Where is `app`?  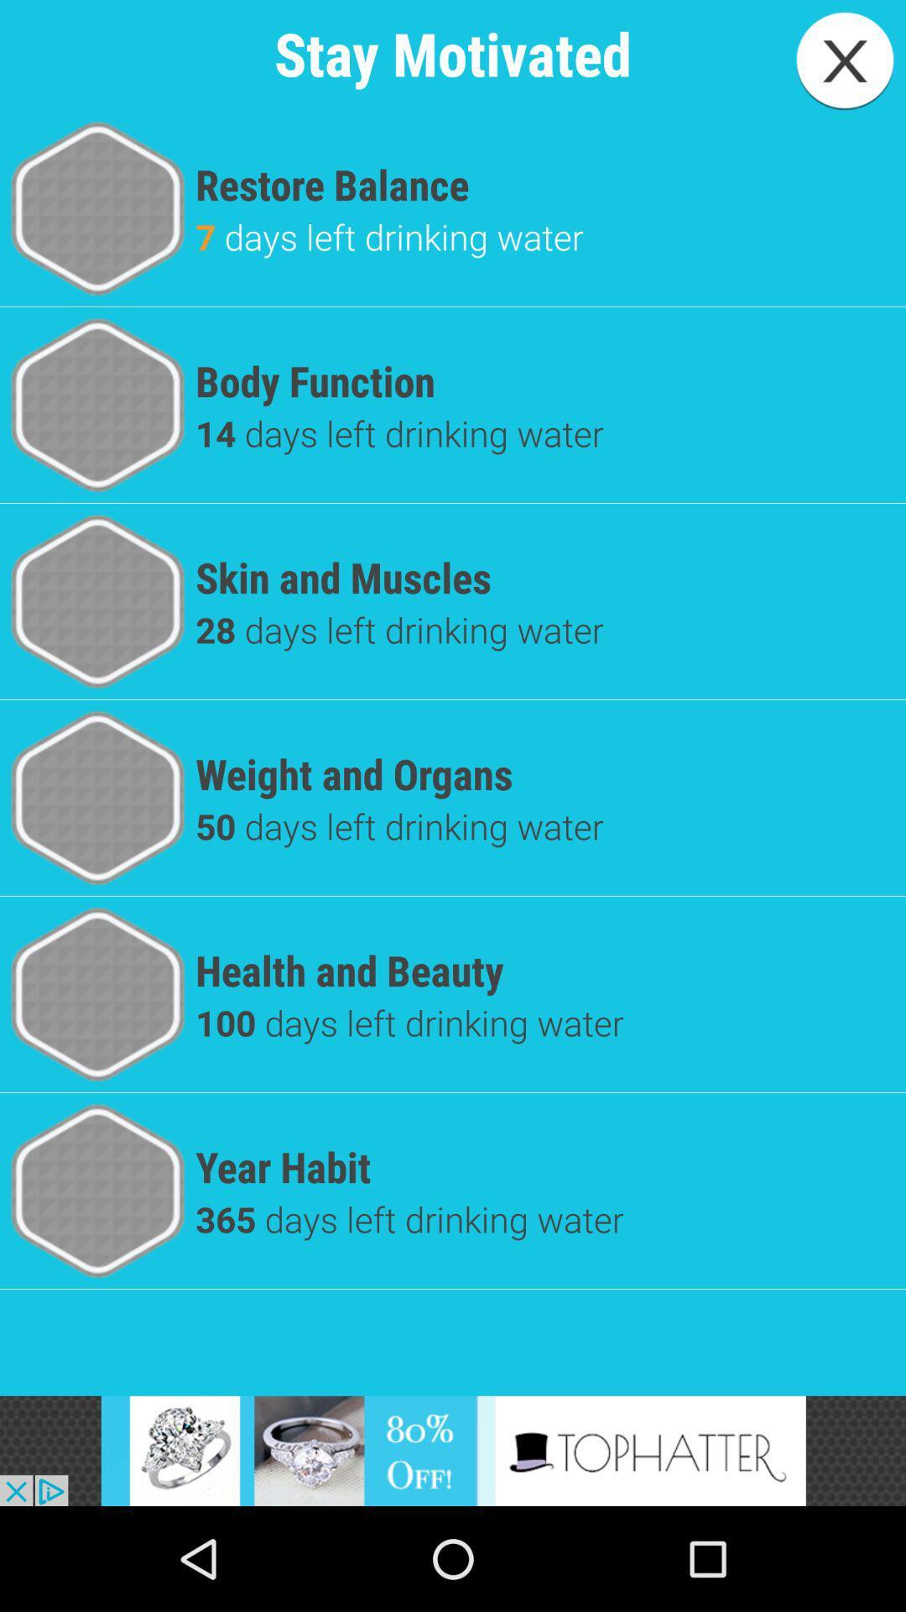
app is located at coordinates (845, 60).